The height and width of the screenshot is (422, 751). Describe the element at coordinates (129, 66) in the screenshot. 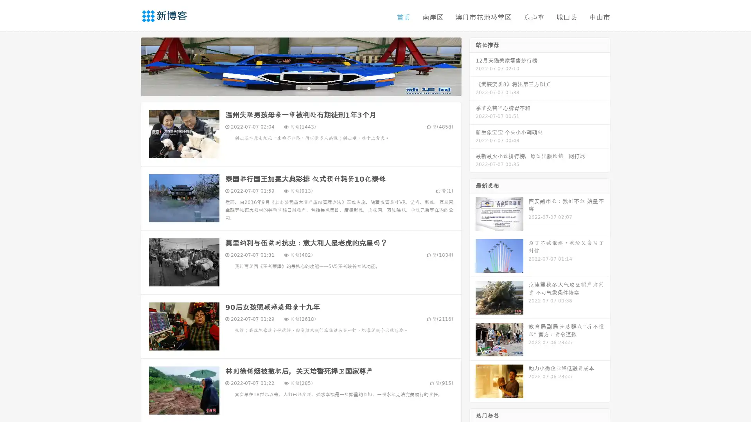

I see `Previous slide` at that location.